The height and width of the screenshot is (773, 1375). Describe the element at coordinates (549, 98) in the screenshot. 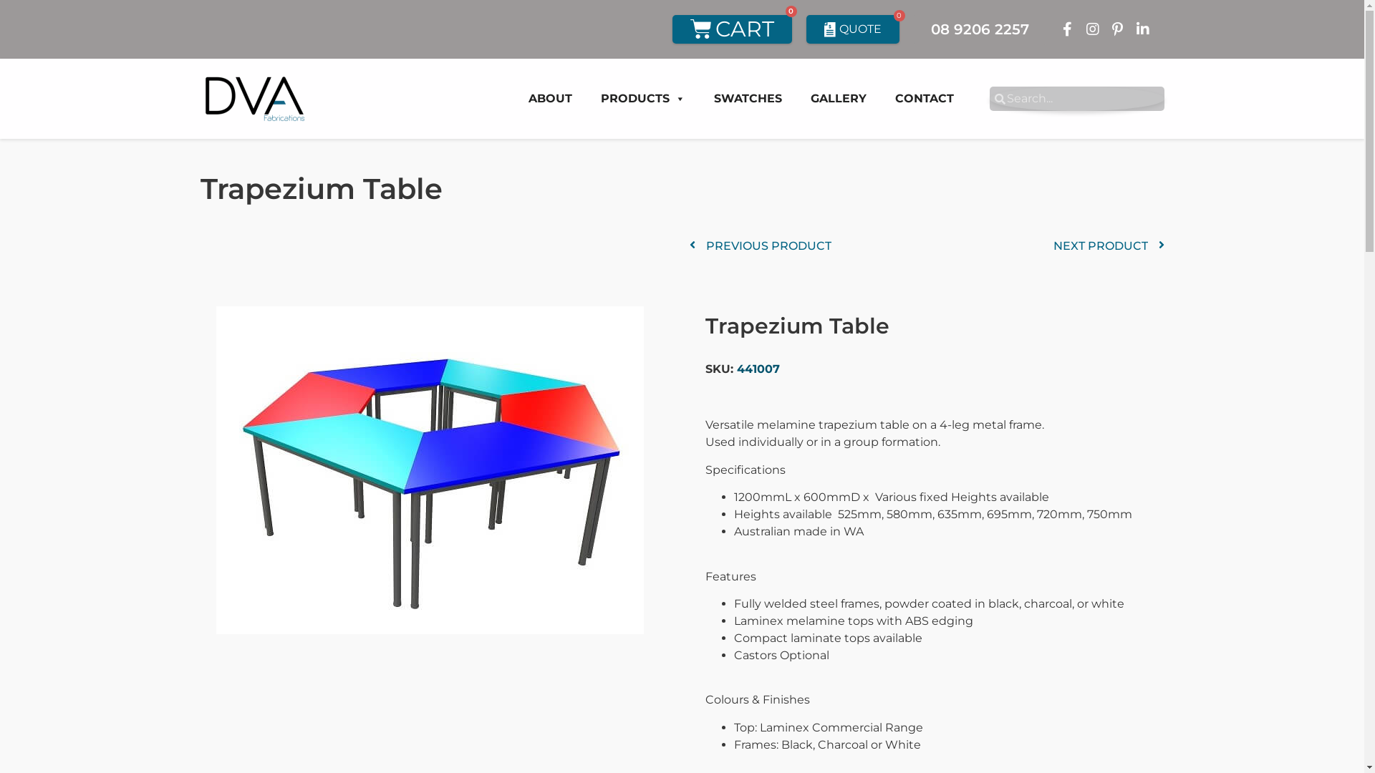

I see `'ABOUT'` at that location.